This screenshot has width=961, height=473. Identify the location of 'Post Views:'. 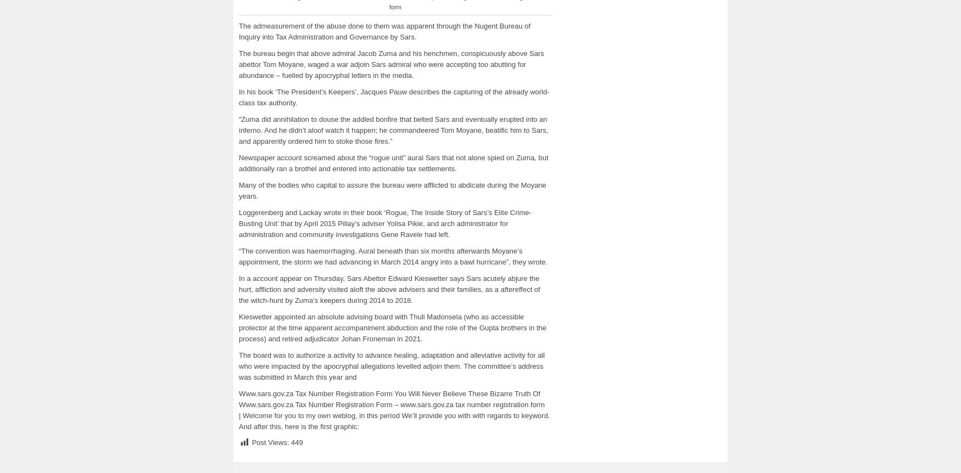
(270, 442).